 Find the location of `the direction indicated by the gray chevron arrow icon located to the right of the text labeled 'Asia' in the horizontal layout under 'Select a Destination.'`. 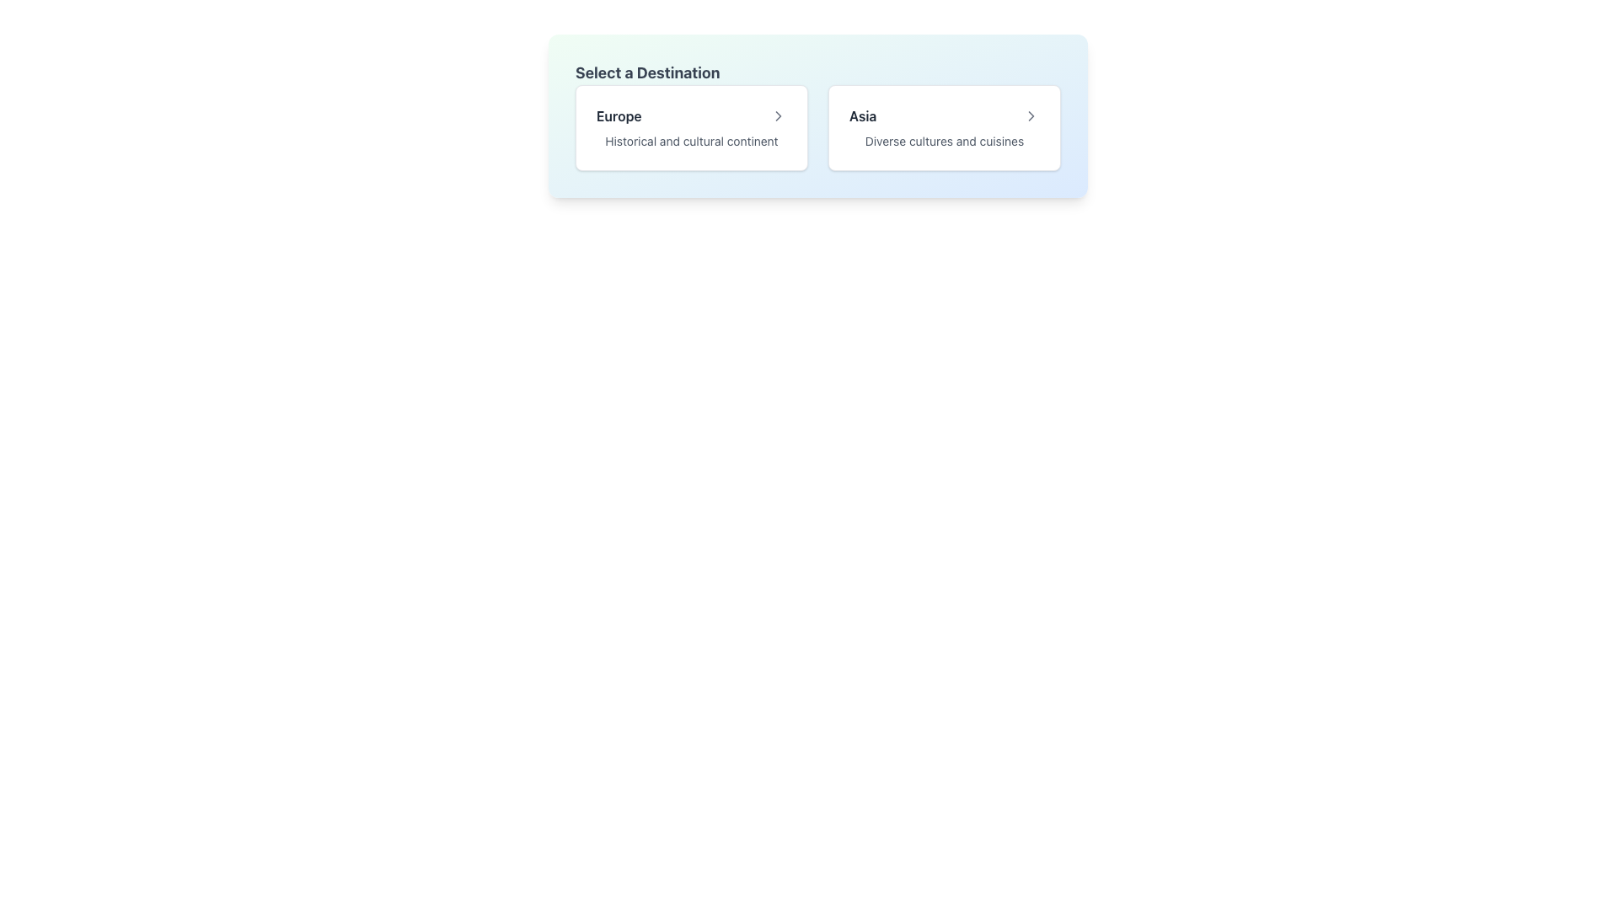

the direction indicated by the gray chevron arrow icon located to the right of the text labeled 'Asia' in the horizontal layout under 'Select a Destination.' is located at coordinates (1031, 115).